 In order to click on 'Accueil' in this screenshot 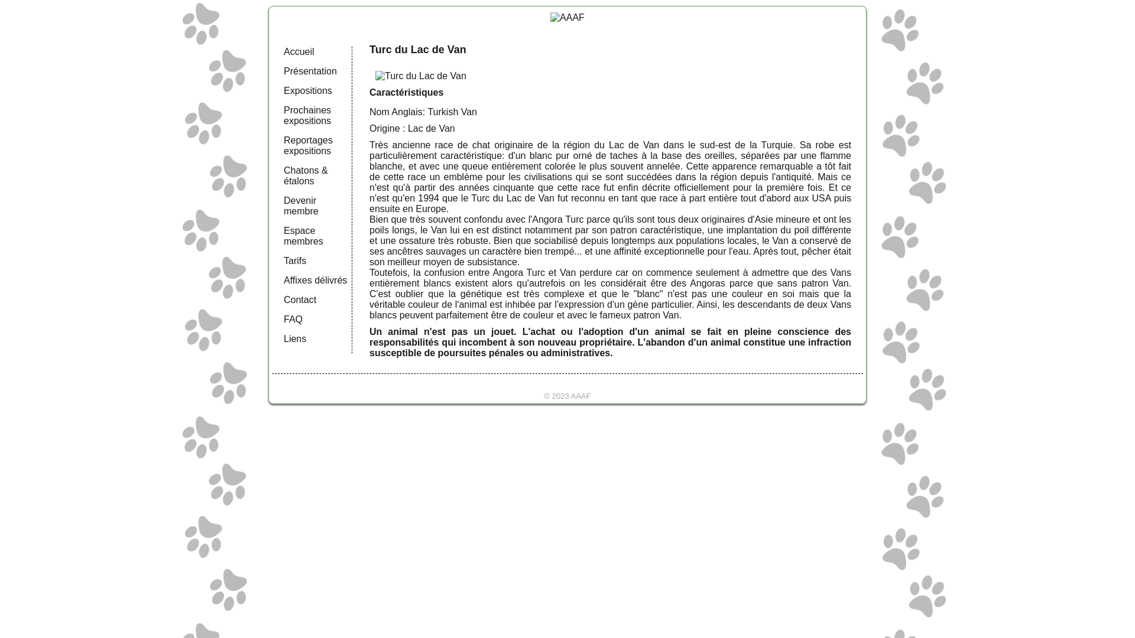, I will do `click(299, 51)`.